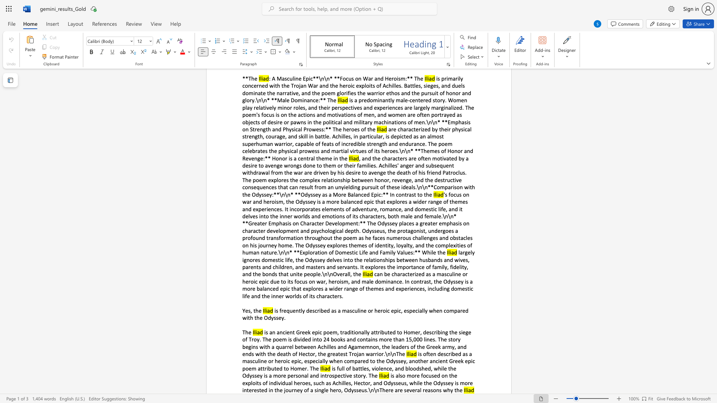 The image size is (717, 403). What do you see at coordinates (441, 375) in the screenshot?
I see `the subset text "on the exploits of individual heroes, such as Achilles, Hector, and Odysseus, while the Odyssey is mor" within the text "is also more focused on the exploits of individual heroes, such as Achilles, Hector, and Odysseus, while the Odyssey is more interested in the journey of a single hero, Odysseus.\n\nThere are several reasons why the"` at bounding box center [441, 375].